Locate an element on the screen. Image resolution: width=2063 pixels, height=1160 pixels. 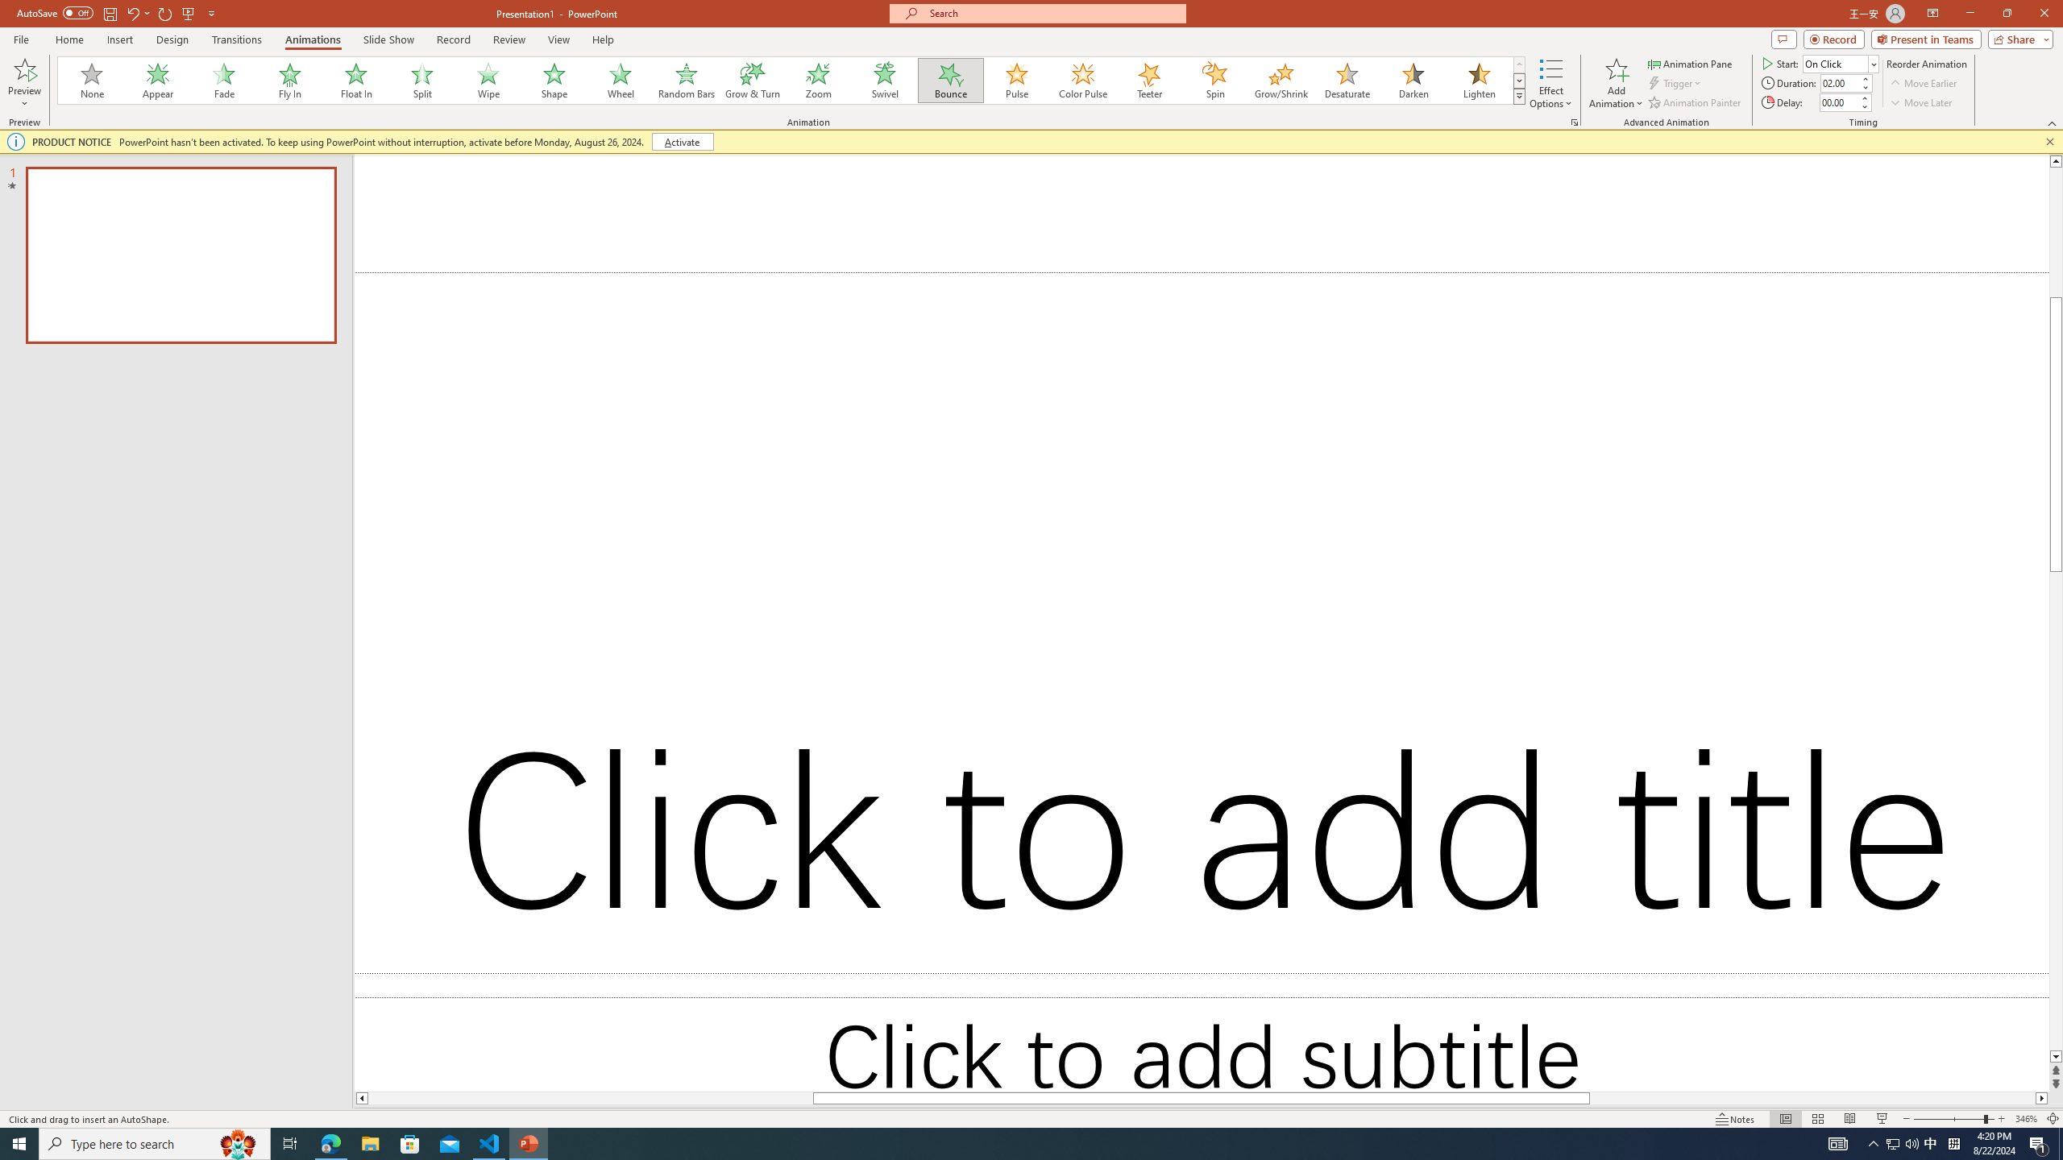
'Swivel' is located at coordinates (884, 80).